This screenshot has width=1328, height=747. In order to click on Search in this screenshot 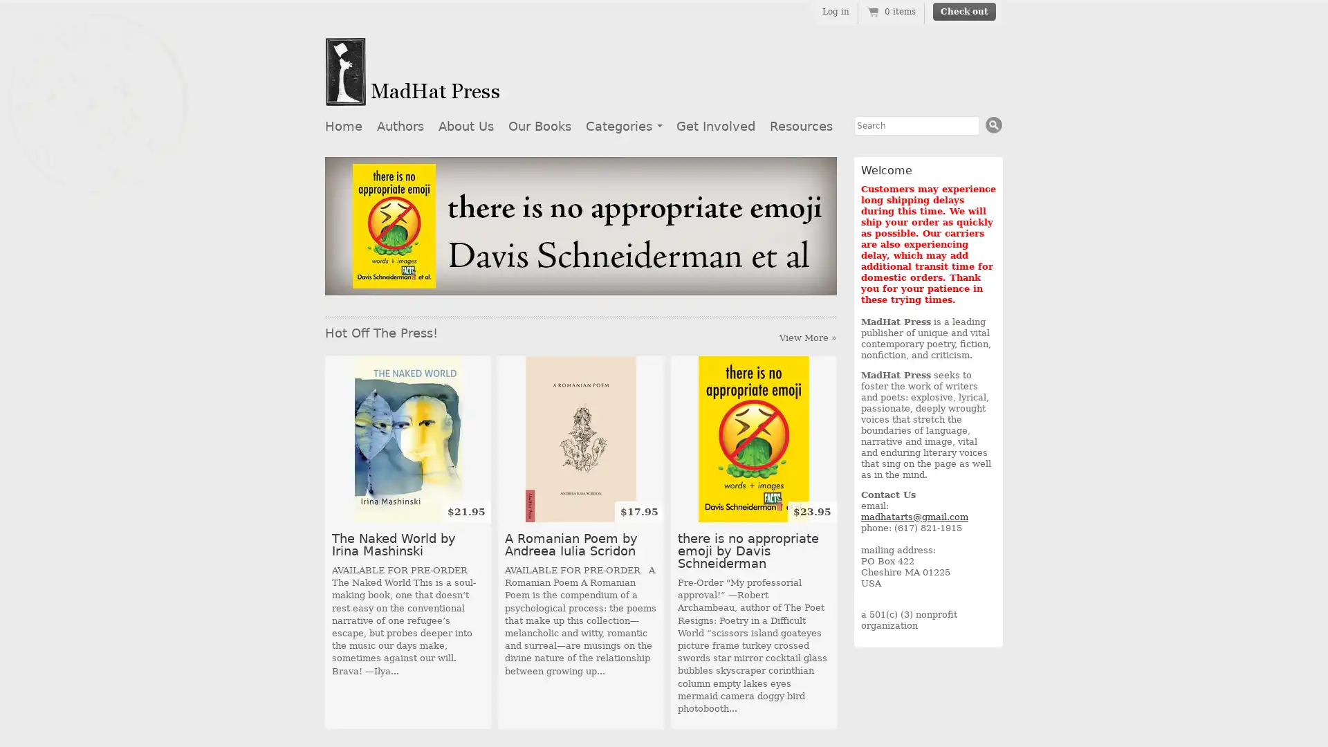, I will do `click(993, 124)`.